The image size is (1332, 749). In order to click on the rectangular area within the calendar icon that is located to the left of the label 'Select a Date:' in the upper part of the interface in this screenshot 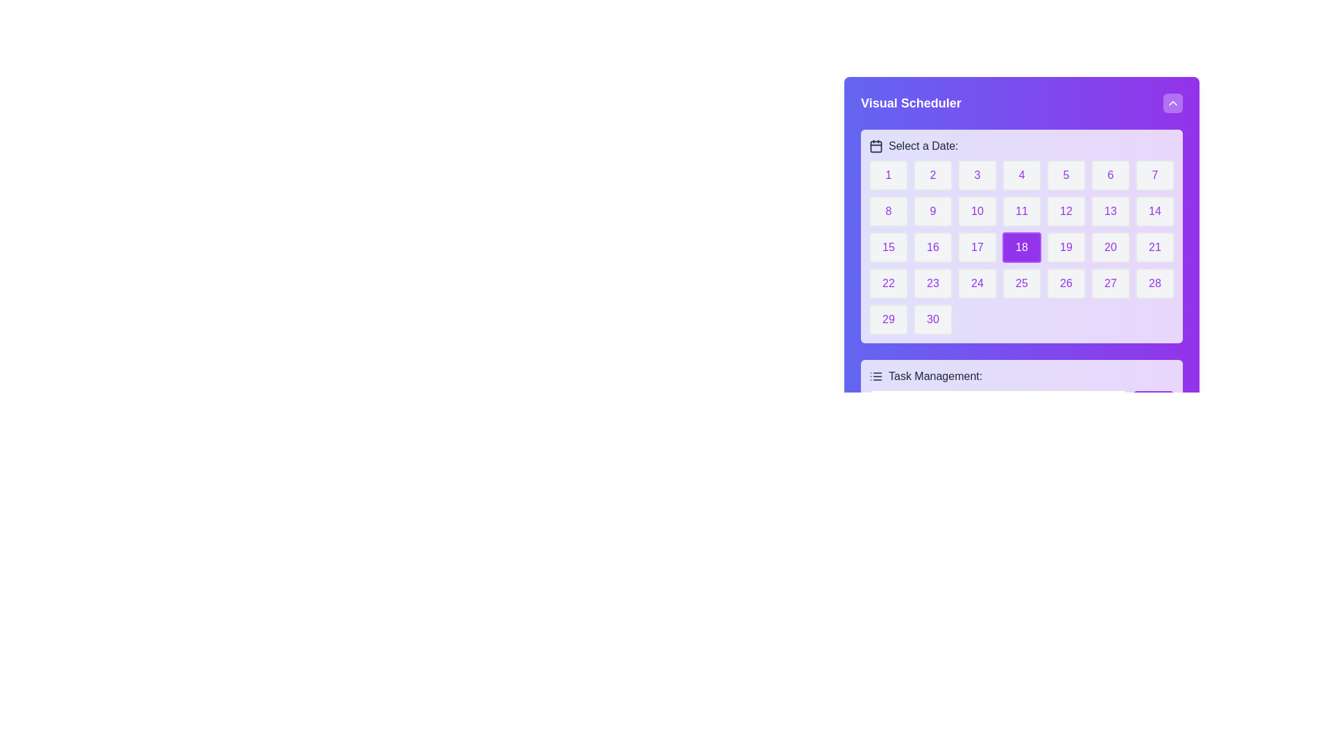, I will do `click(875, 146)`.